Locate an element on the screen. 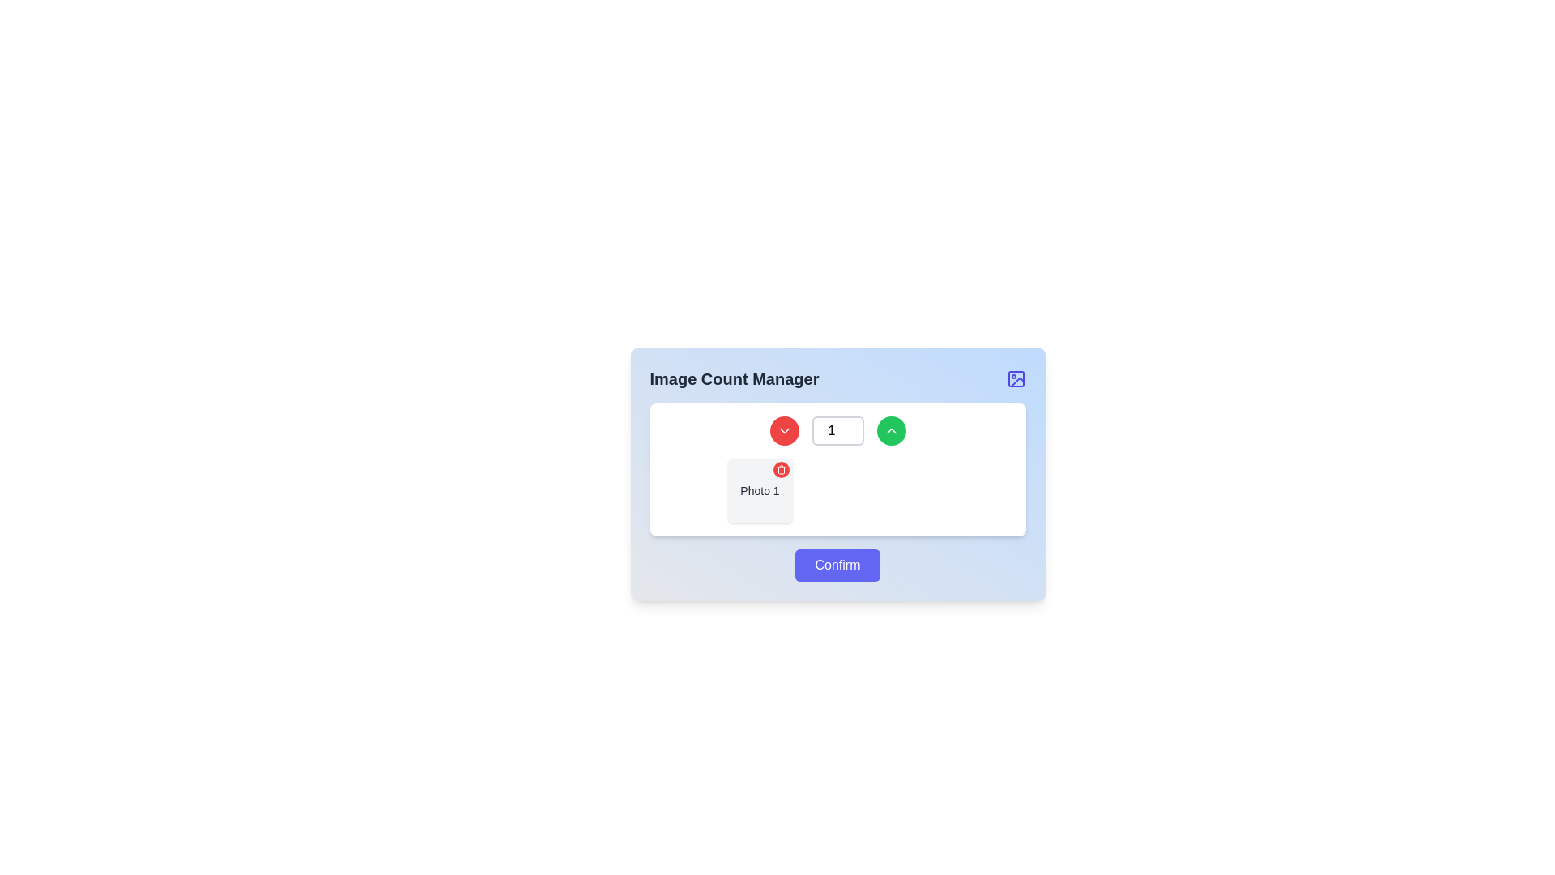 The height and width of the screenshot is (875, 1555). the circular red button with a white down arrow icon to decrease the value, located to the left of the numeric input field in the top-left corner of the main card UI is located at coordinates (784, 430).